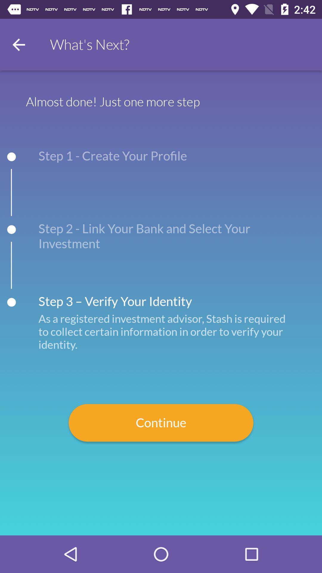 The width and height of the screenshot is (322, 573). What do you see at coordinates (18, 44) in the screenshot?
I see `the arrow_backward icon` at bounding box center [18, 44].